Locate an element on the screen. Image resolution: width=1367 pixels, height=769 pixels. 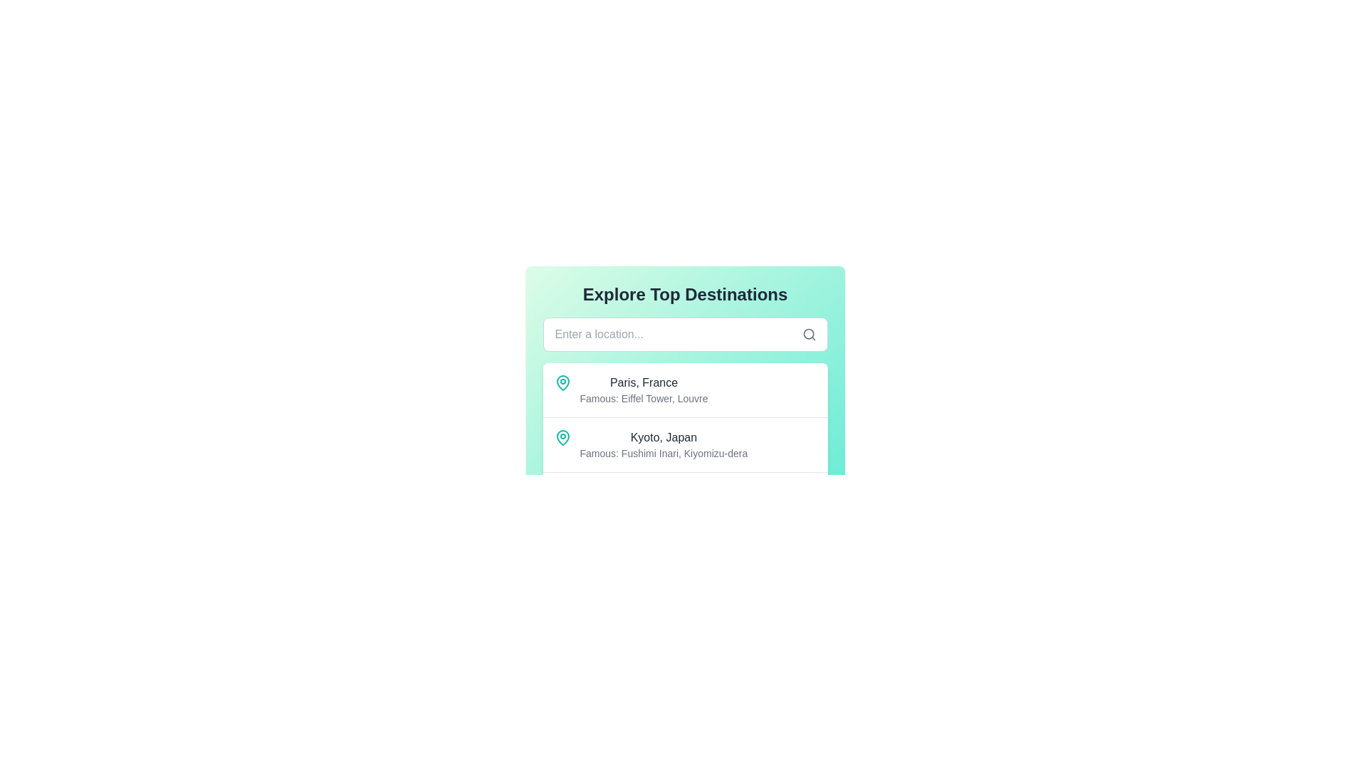
the decorative graphical element within the magnifying glass search icon, which is located to the far right inside the search bar component, slightly above its vertical centerline is located at coordinates (808, 334).